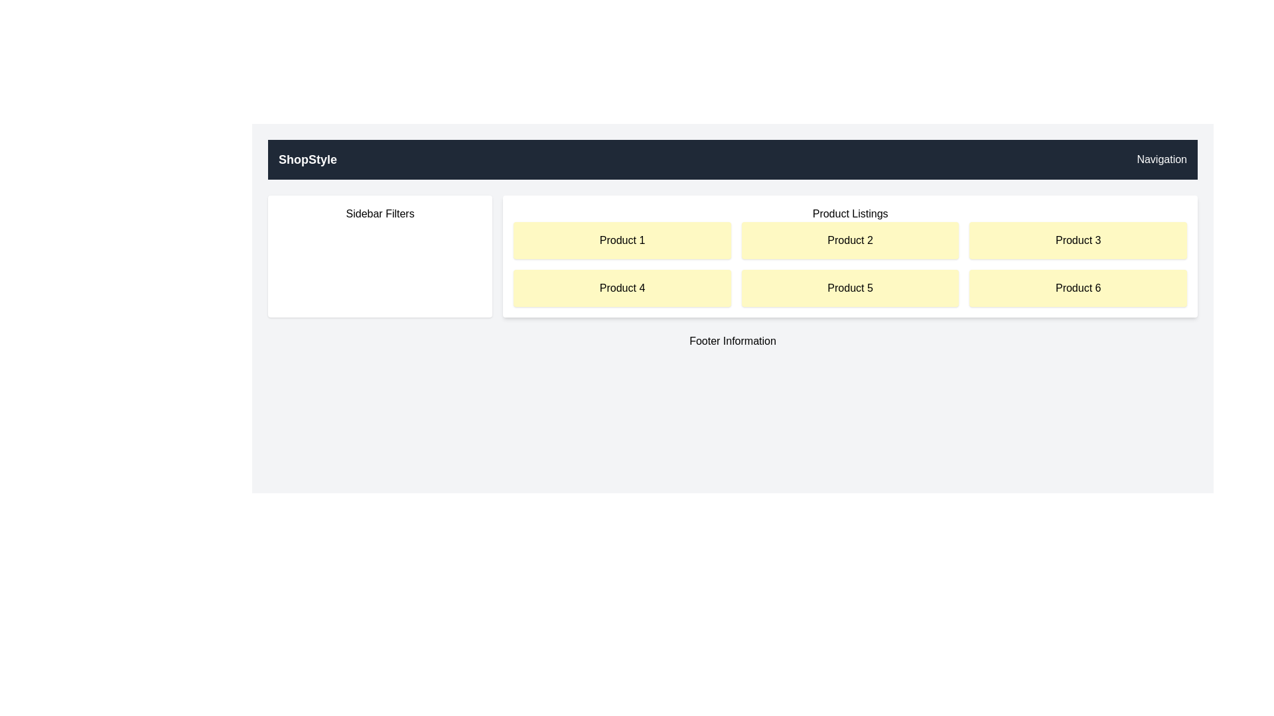 This screenshot has height=716, width=1274. I want to click on the 'Navigation' text label styled in white on a dark background, located at the far right side of the top header, so click(1161, 158).